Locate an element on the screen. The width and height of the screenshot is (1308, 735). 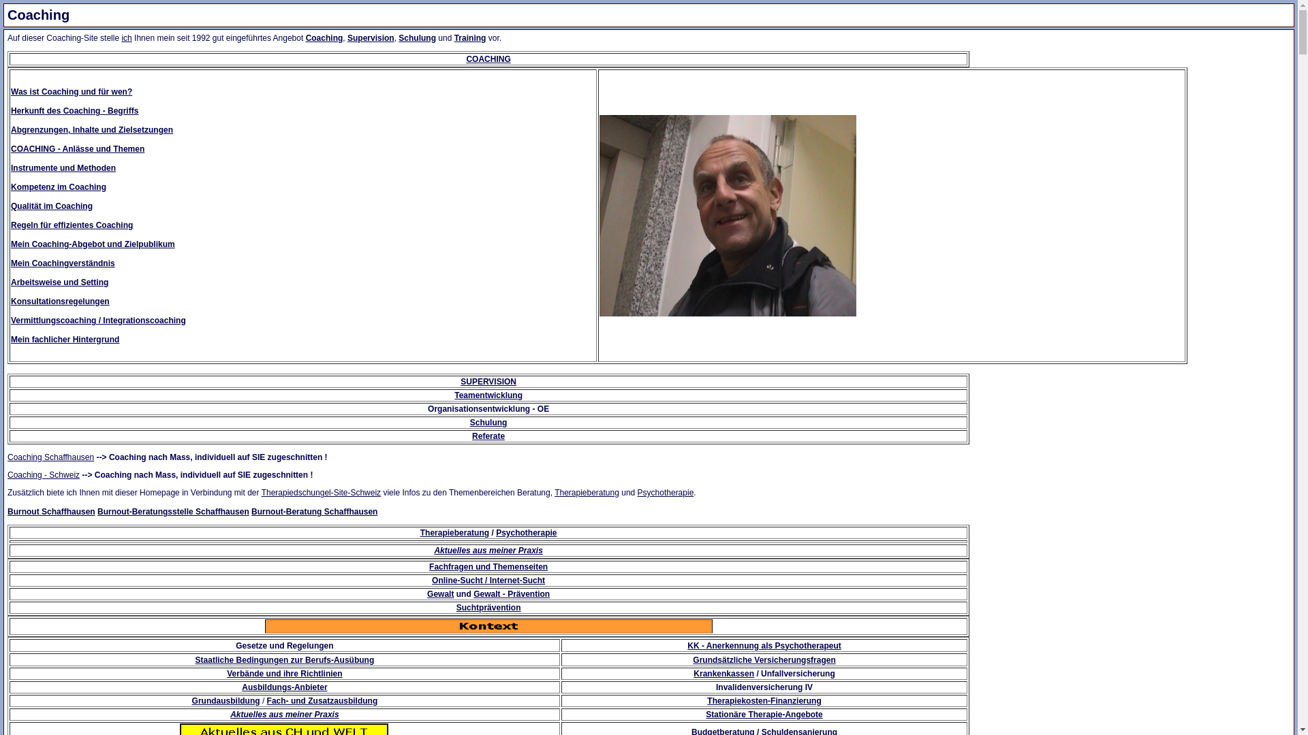
'Mein Coaching-Abgebot und Zielpublikum' is located at coordinates (92, 243).